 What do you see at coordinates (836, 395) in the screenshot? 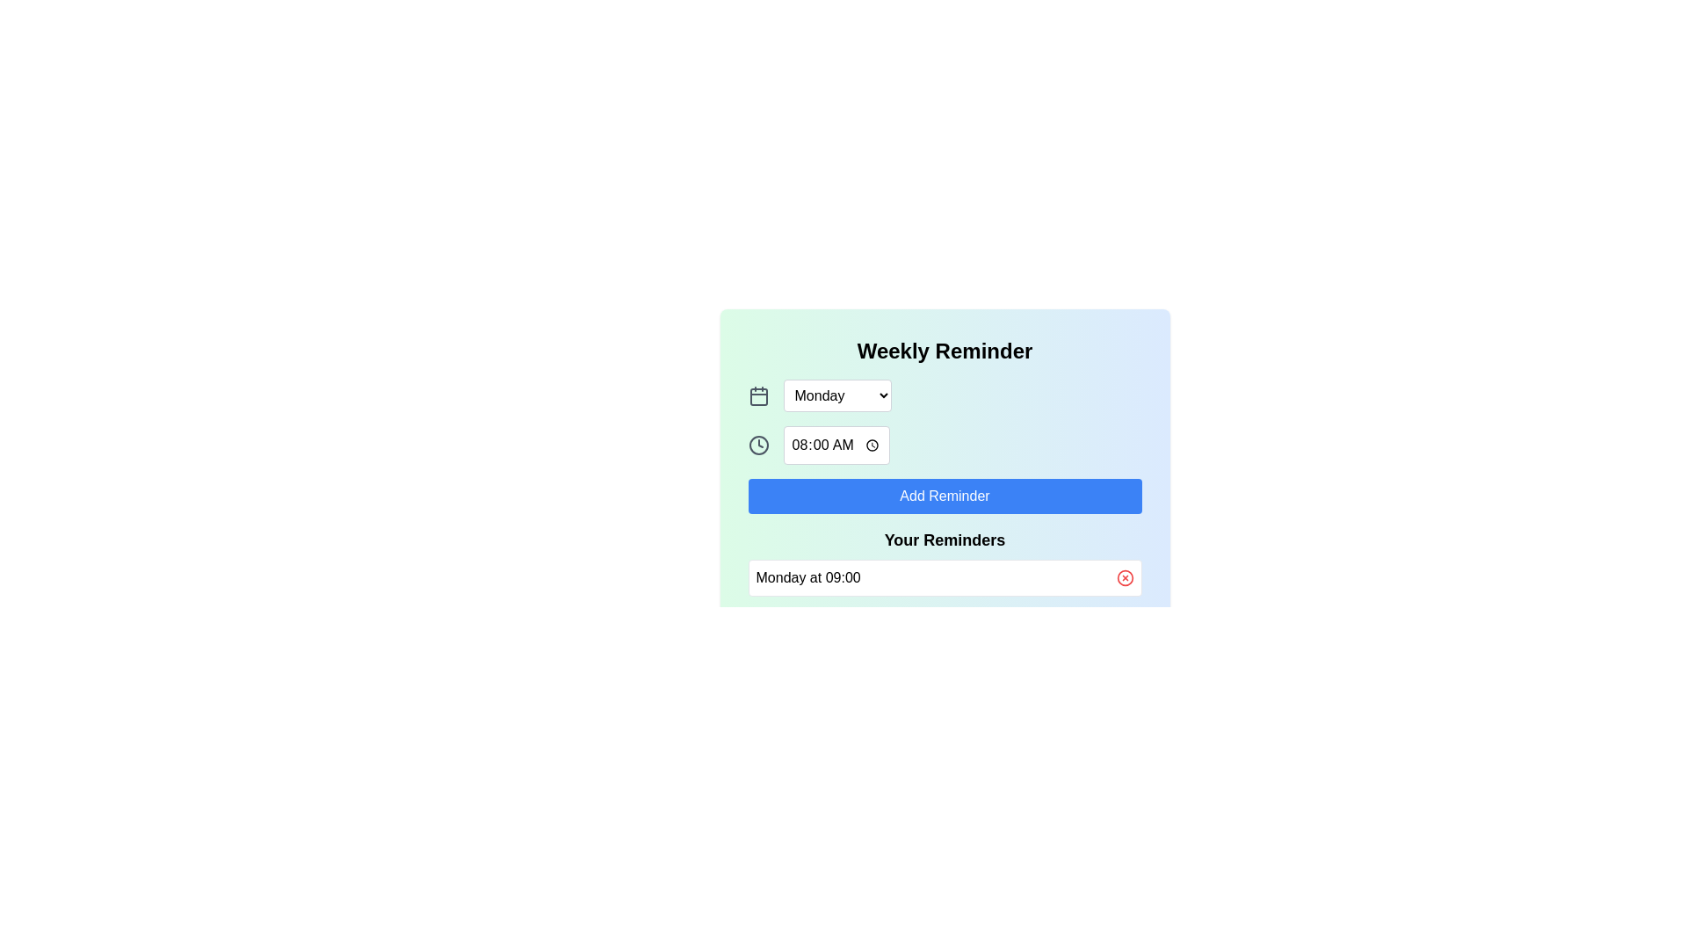
I see `the dropdown arrow of the Weekly Reminder dropdown menu` at bounding box center [836, 395].